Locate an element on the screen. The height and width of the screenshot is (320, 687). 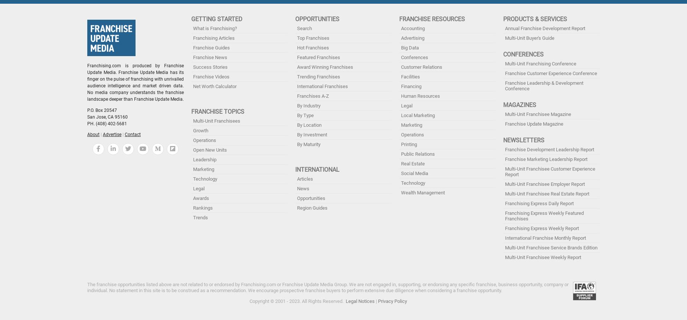
'Multi-Unit Franchisee Real Estate Report' is located at coordinates (547, 194).